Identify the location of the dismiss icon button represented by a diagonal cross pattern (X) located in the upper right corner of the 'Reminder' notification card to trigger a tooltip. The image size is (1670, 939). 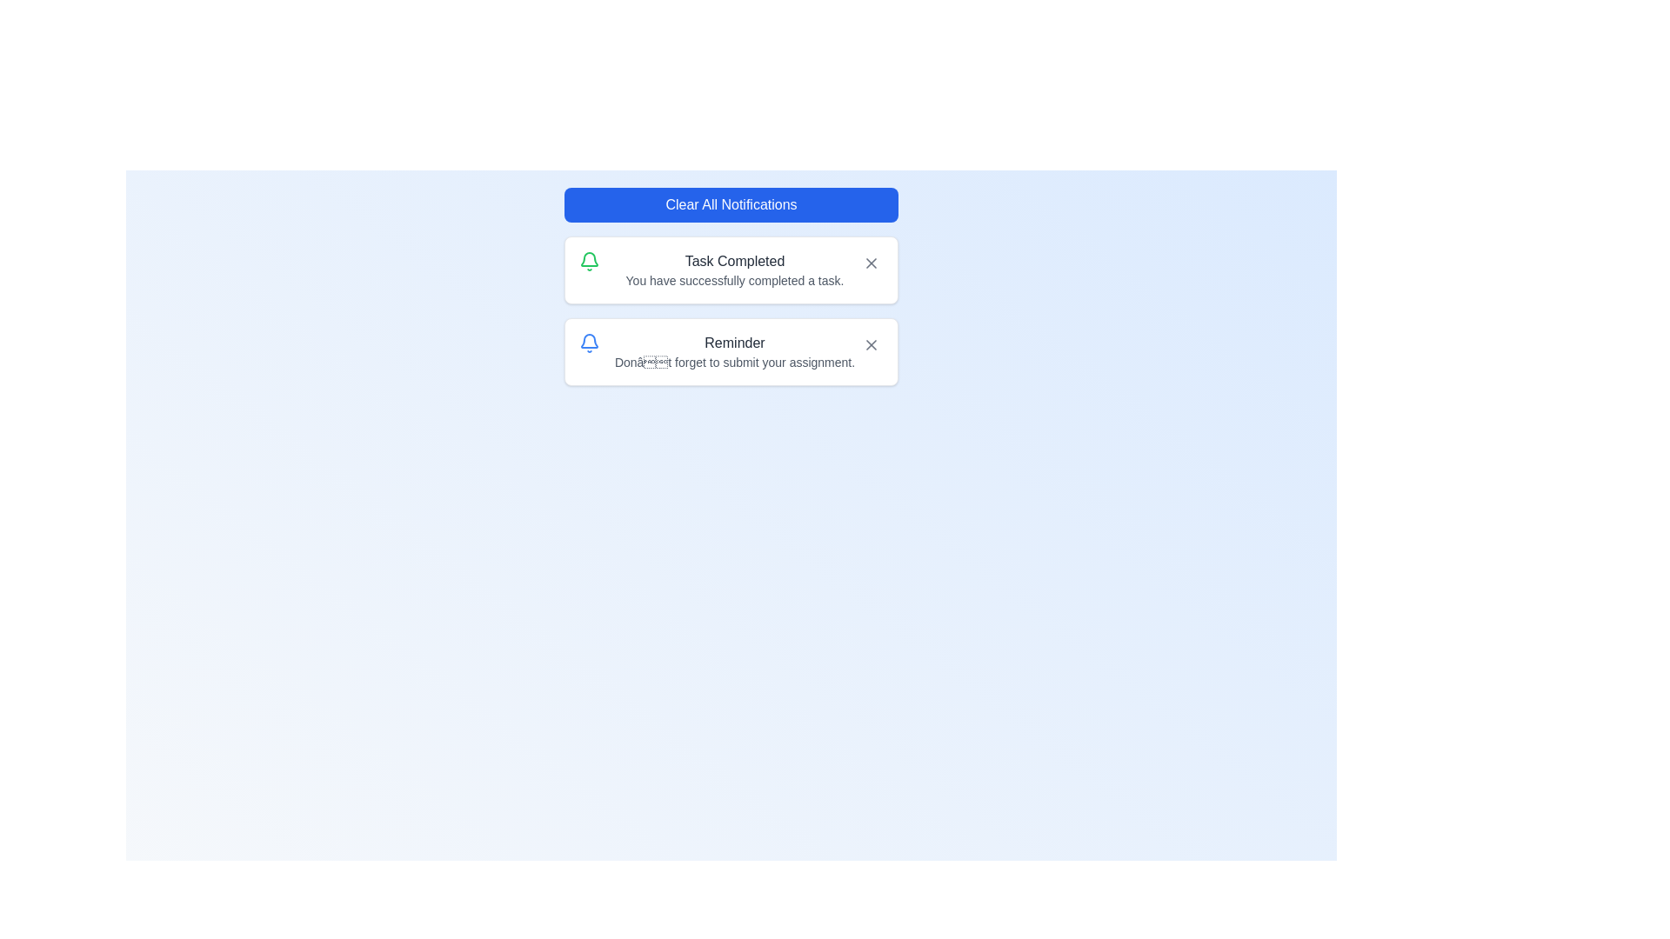
(872, 345).